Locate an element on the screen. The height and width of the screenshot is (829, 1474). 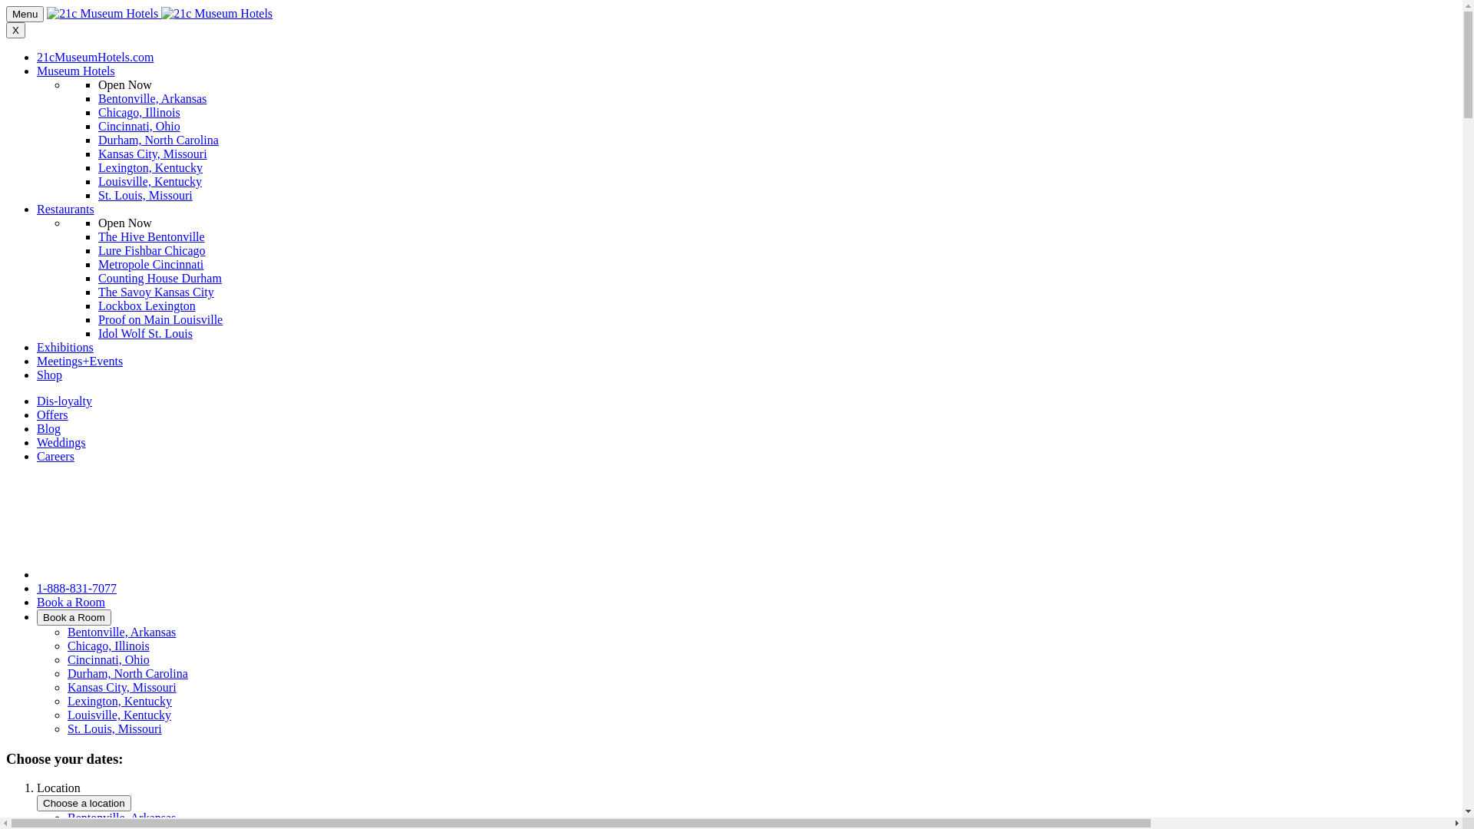
'St. Louis, Missouri' is located at coordinates (114, 728).